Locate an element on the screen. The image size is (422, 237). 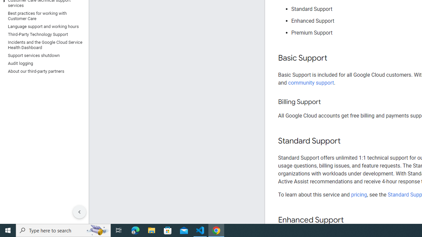
'Support services shutdown' is located at coordinates (43, 55).